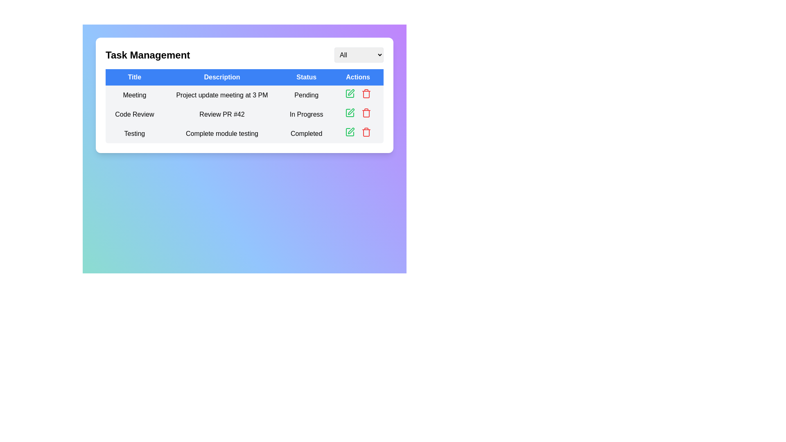 This screenshot has width=786, height=442. I want to click on the 'Edit' icon button located in the 'Actions' column of the second row, which is aligned closely with the 'In Progress' text in the 'Status' column, so click(350, 113).